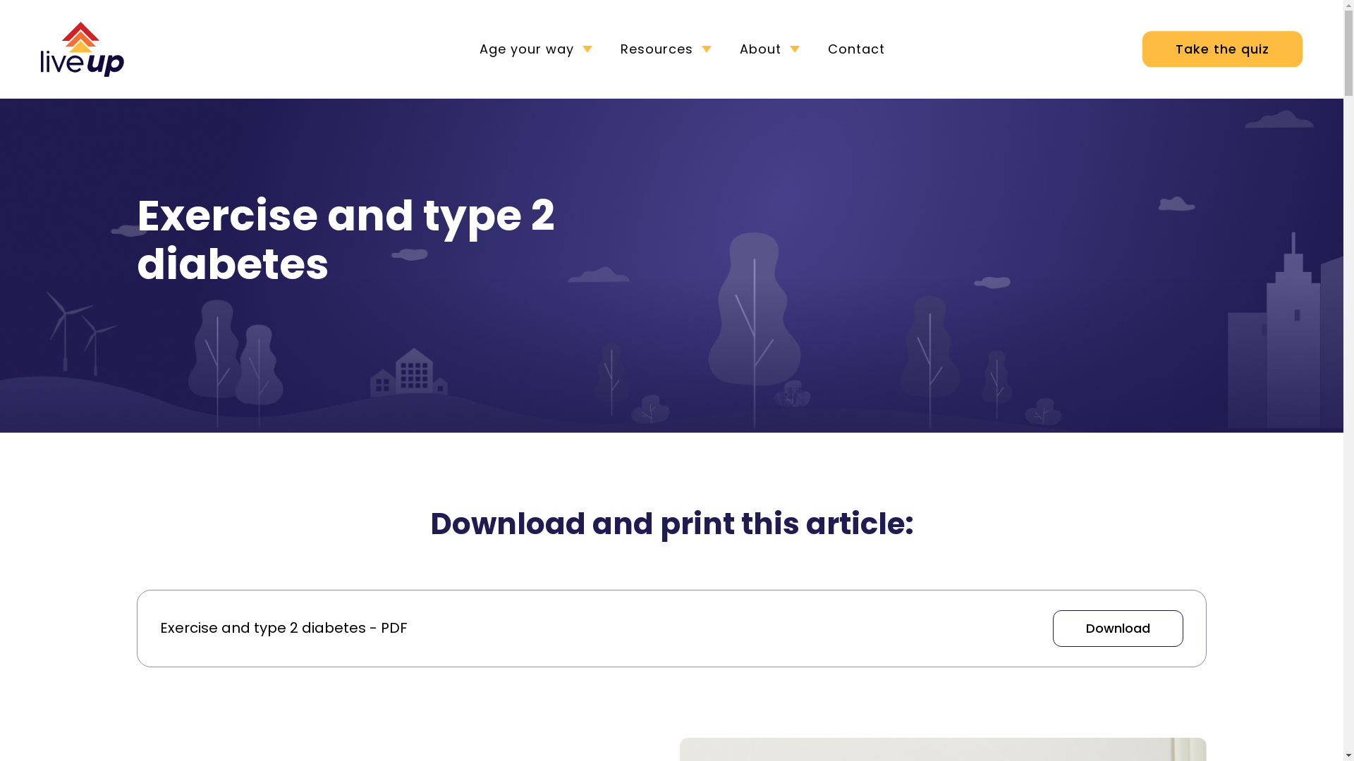 The height and width of the screenshot is (761, 1354). What do you see at coordinates (1117, 627) in the screenshot?
I see `'Download'` at bounding box center [1117, 627].